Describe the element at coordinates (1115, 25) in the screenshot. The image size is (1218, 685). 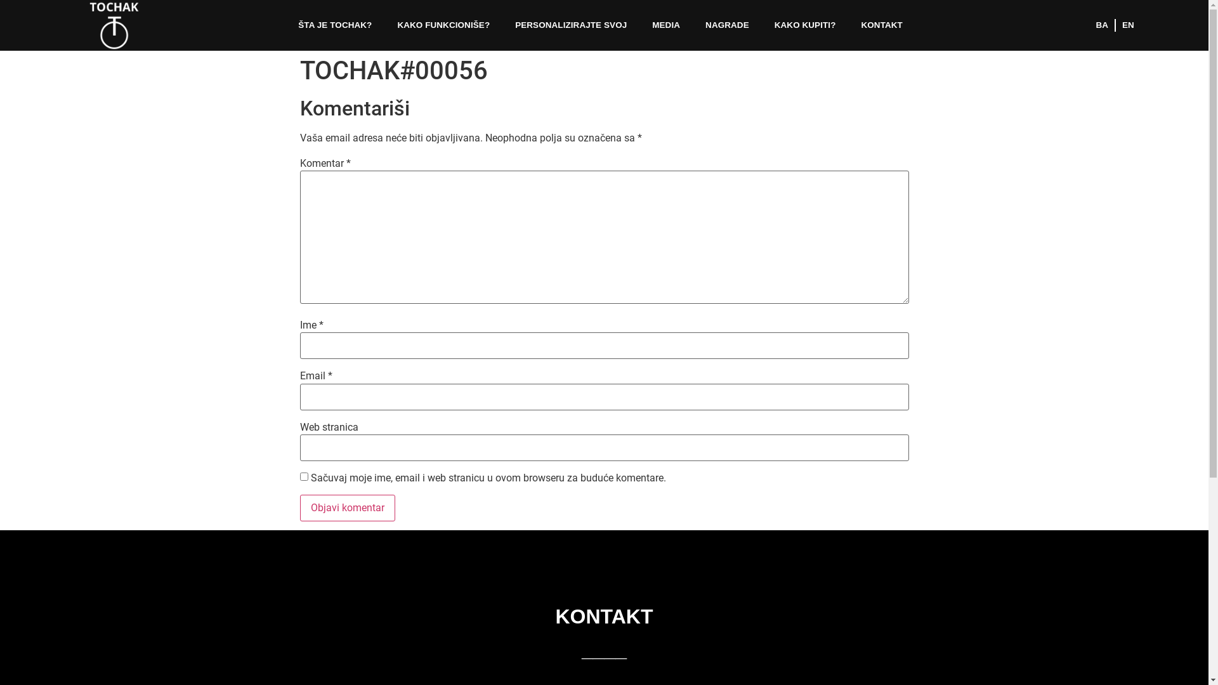
I see `'EN'` at that location.